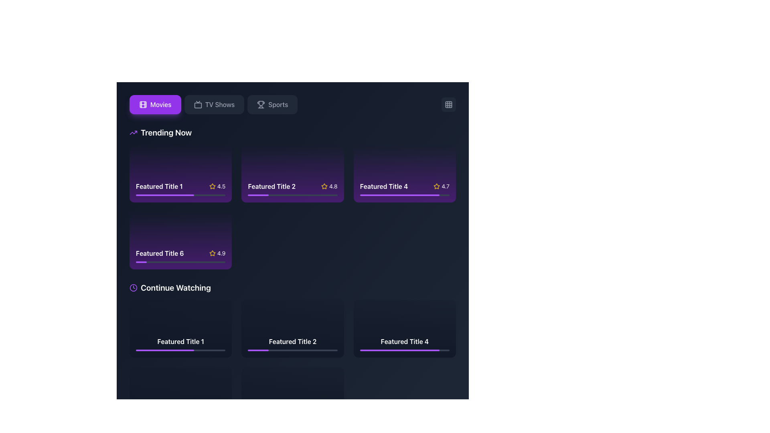 This screenshot has width=770, height=433. Describe the element at coordinates (405, 173) in the screenshot. I see `the third interactive card in the 'Trending Now' section` at that location.